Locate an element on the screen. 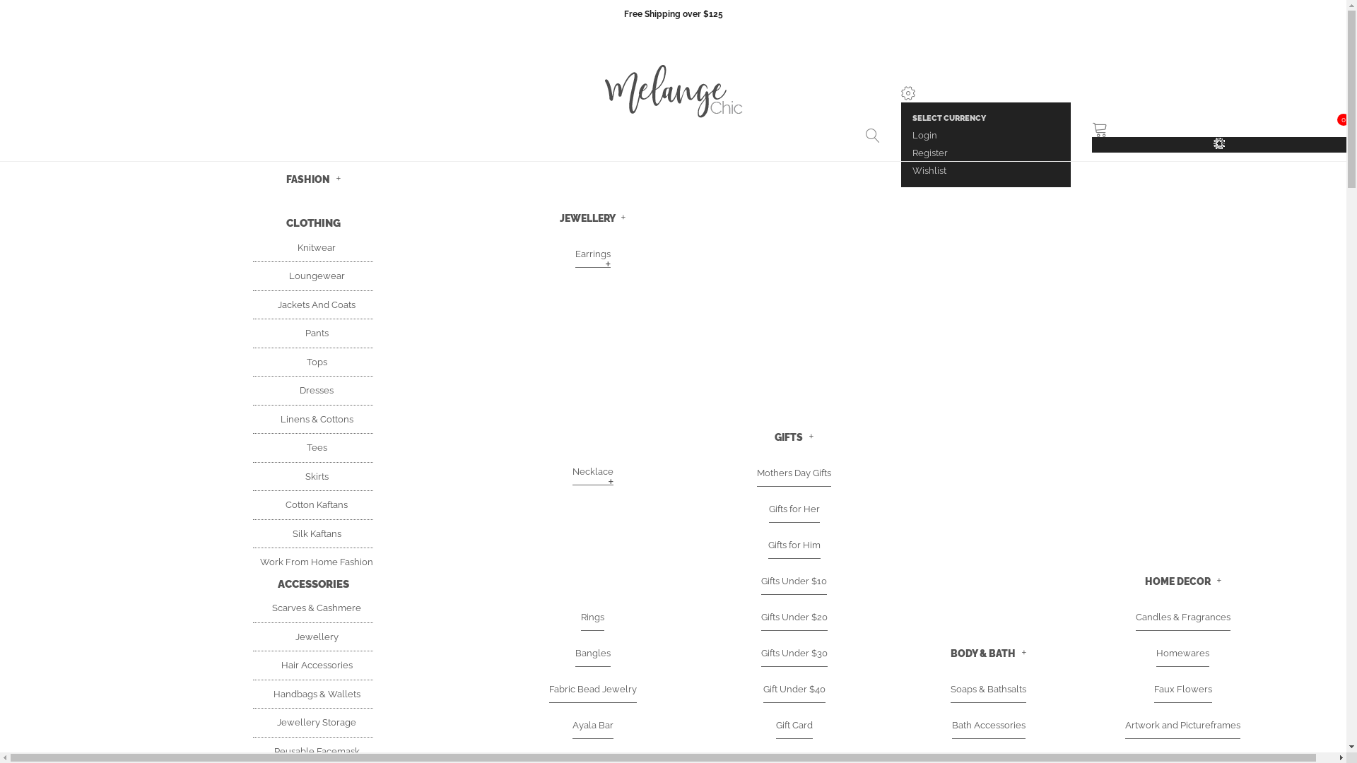 This screenshot has height=763, width=1357. 'Artwork and Pictureframes' is located at coordinates (1182, 725).